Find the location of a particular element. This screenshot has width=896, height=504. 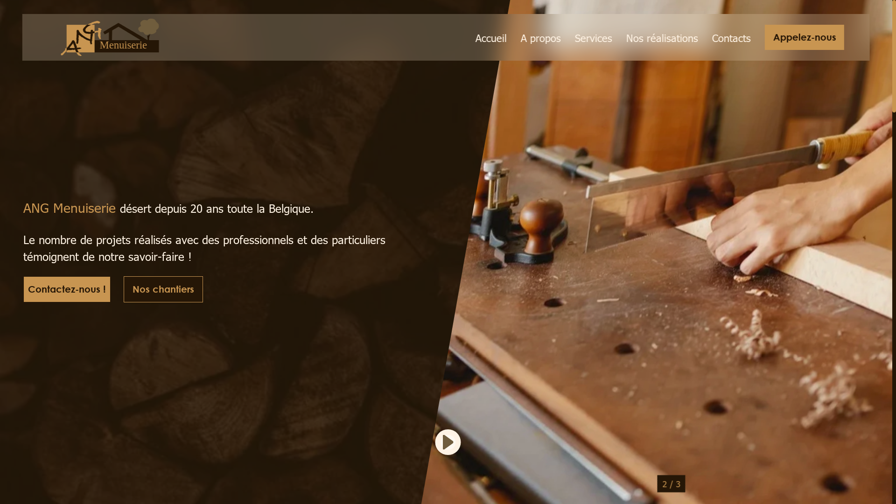

'Services' is located at coordinates (593, 37).